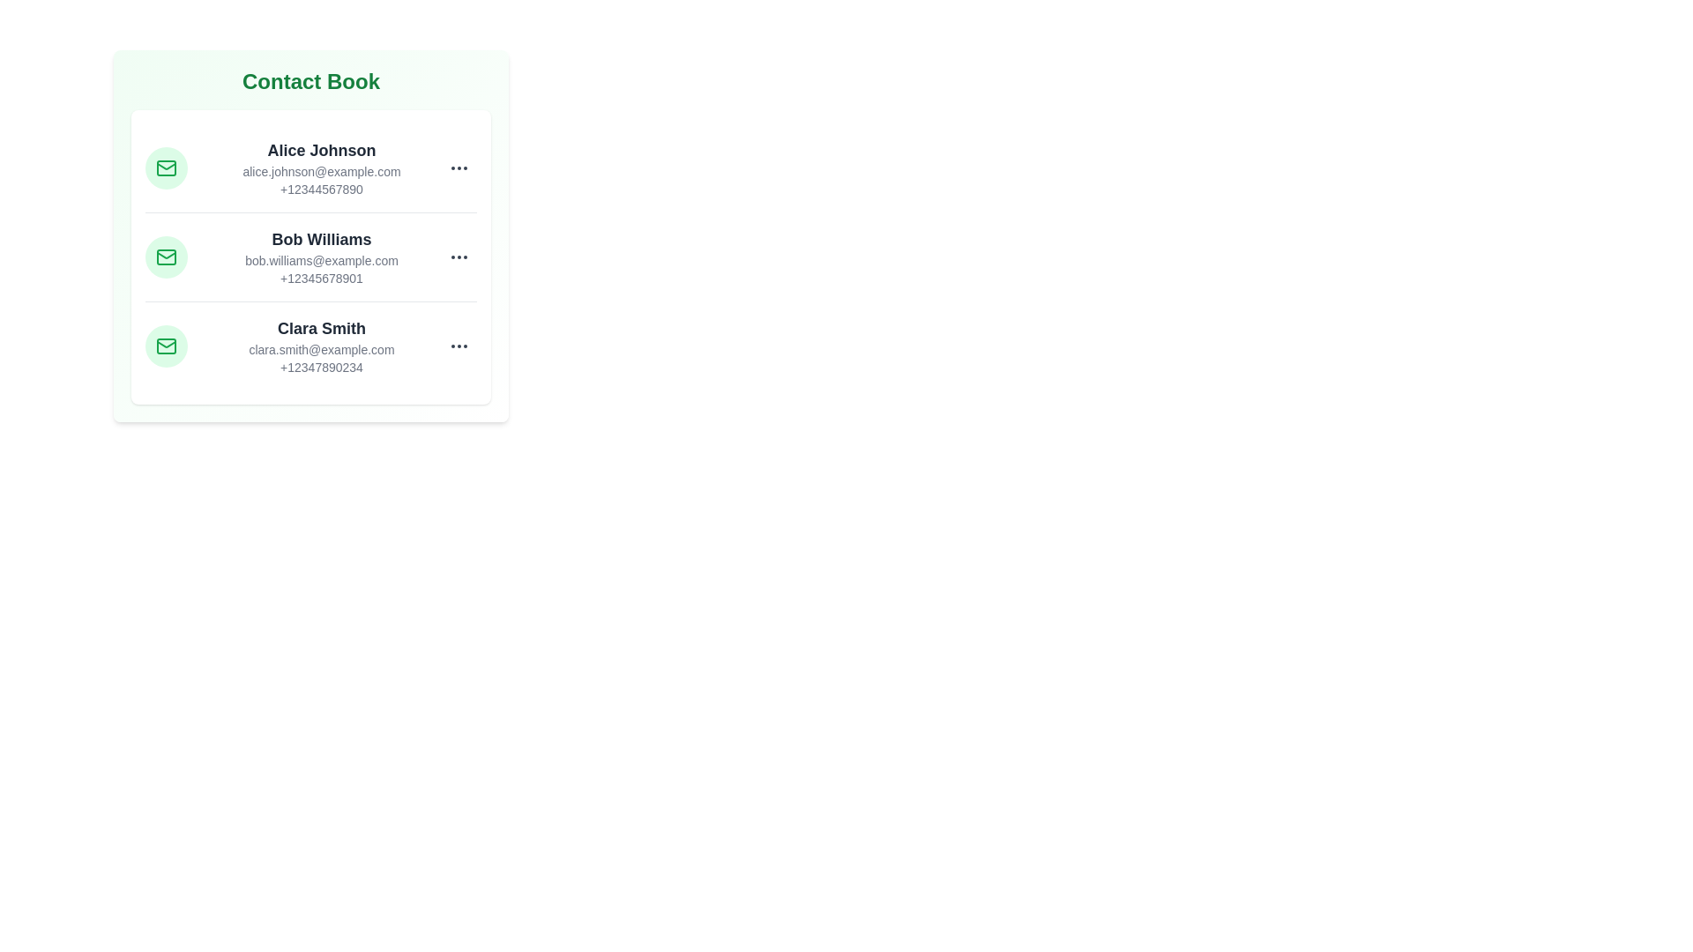  Describe the element at coordinates (459, 346) in the screenshot. I see `'More' button for the contact Clara Smith` at that location.